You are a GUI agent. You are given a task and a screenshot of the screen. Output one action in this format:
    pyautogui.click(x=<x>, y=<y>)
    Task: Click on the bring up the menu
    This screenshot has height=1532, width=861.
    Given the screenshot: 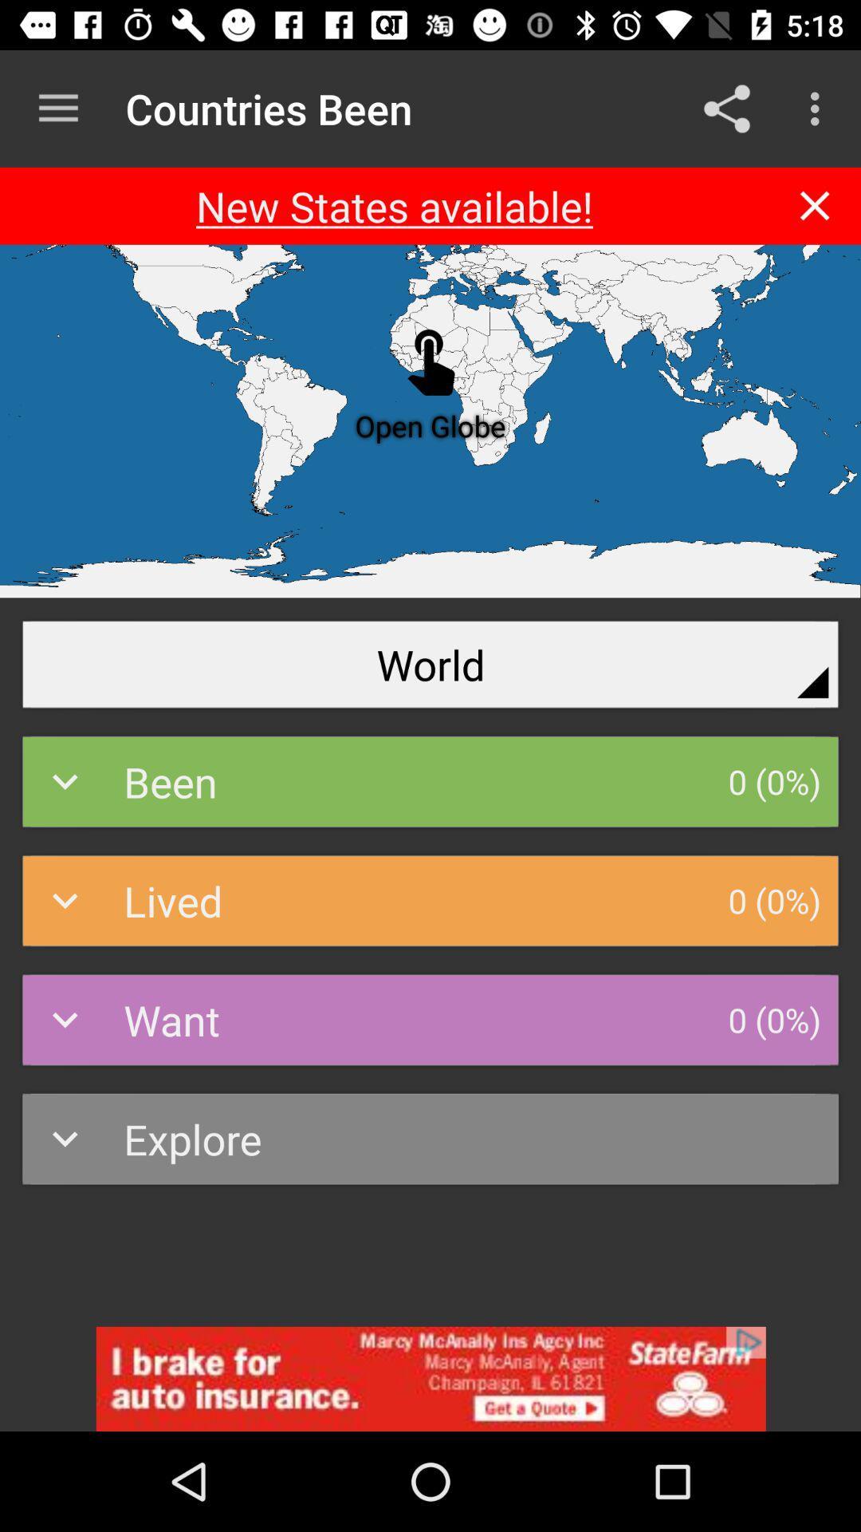 What is the action you would take?
    pyautogui.click(x=57, y=108)
    